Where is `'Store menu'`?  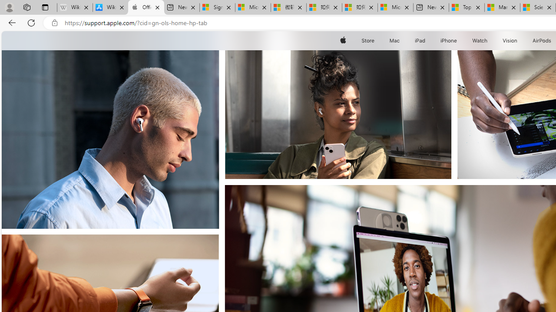 'Store menu' is located at coordinates (376, 40).